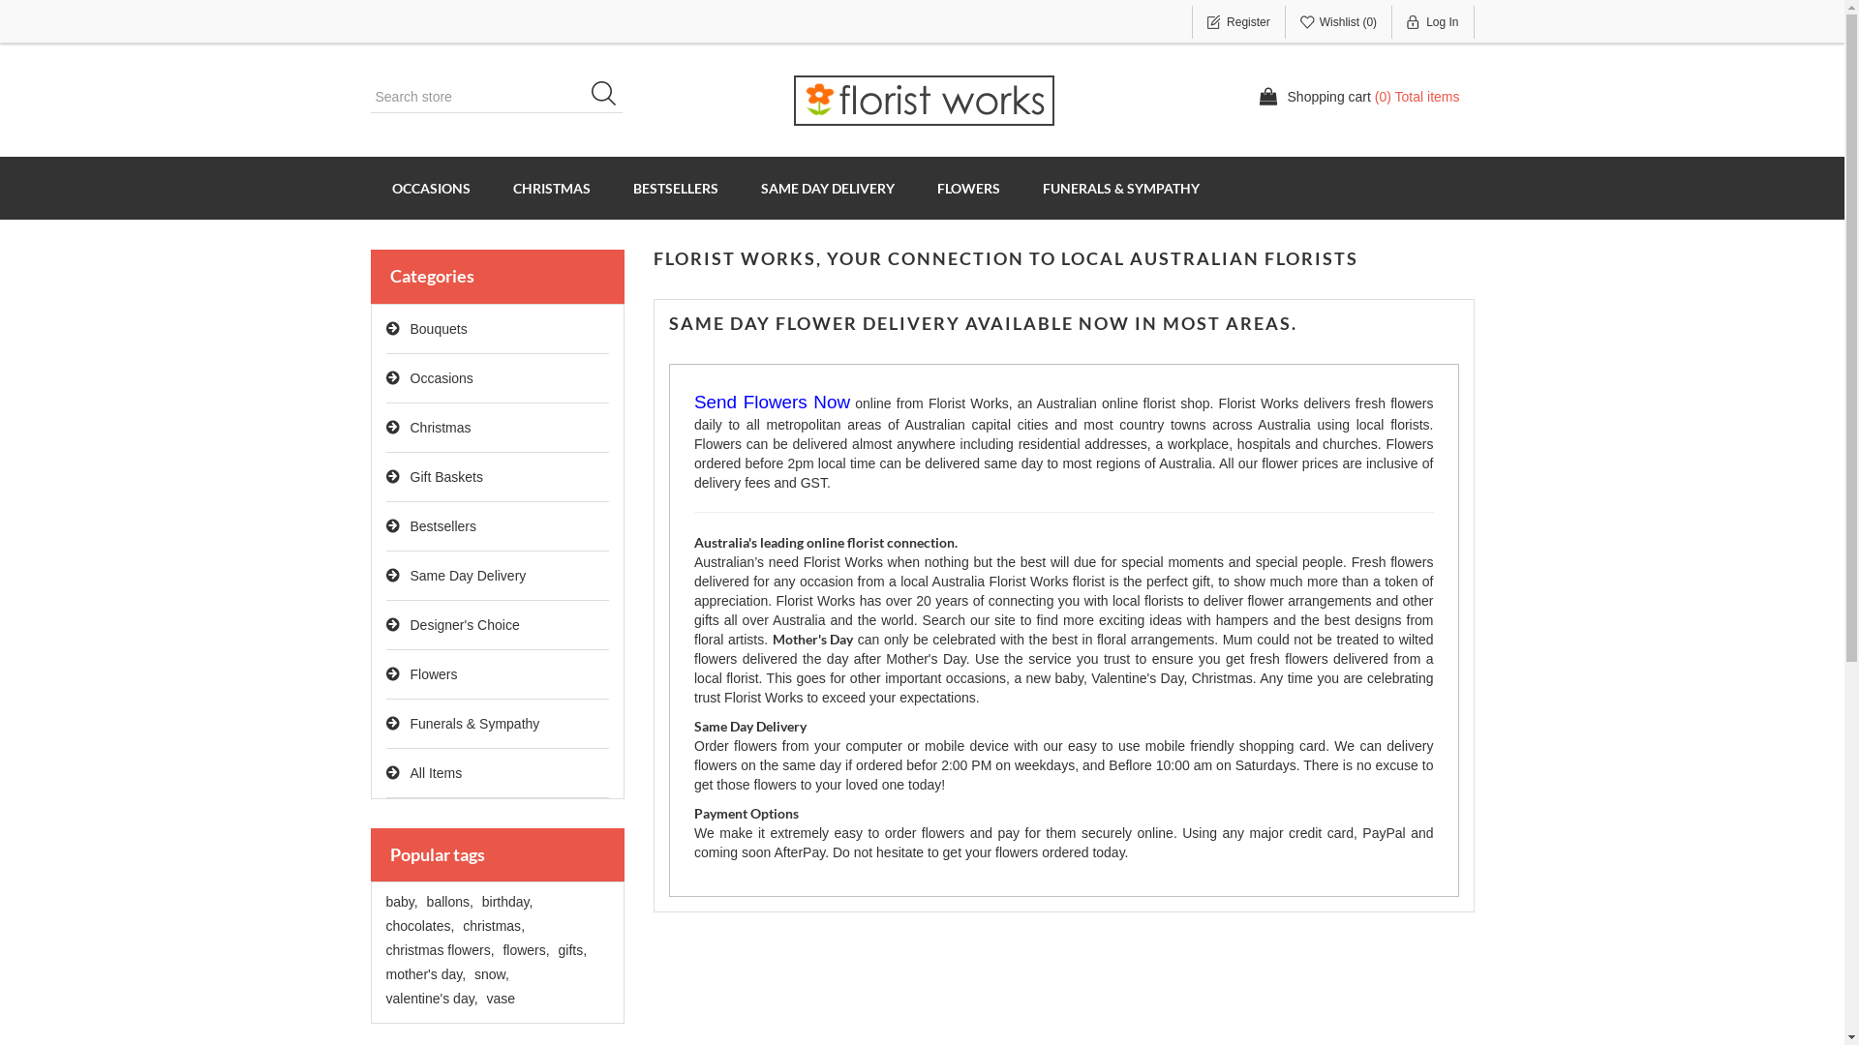  I want to click on 'gifts,', so click(571, 949).